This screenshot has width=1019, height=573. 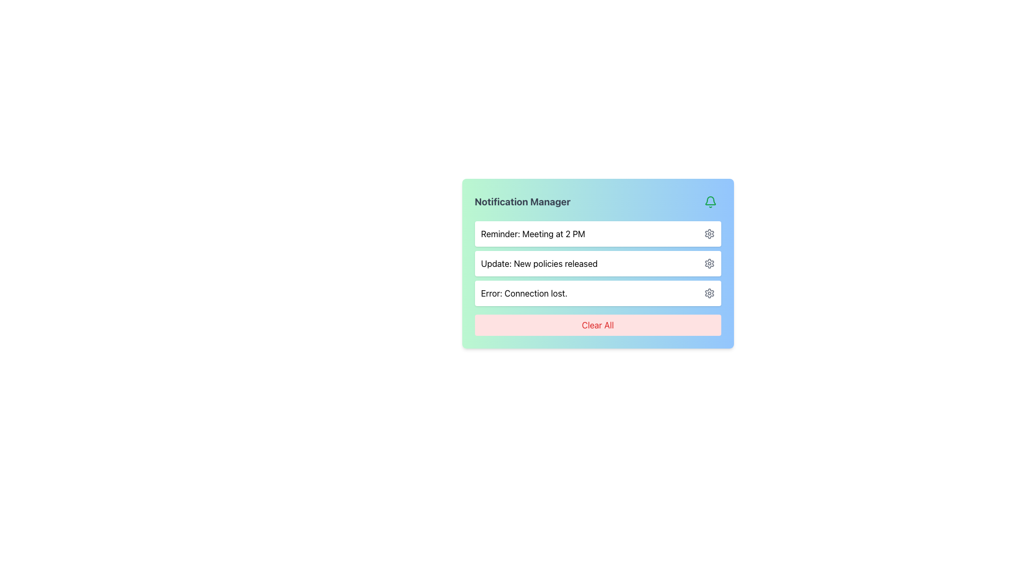 What do you see at coordinates (709, 233) in the screenshot?
I see `the first gear-shaped icon associated with settings, located directly to the right of the 'Reminder: Meeting at 2 PM' text` at bounding box center [709, 233].